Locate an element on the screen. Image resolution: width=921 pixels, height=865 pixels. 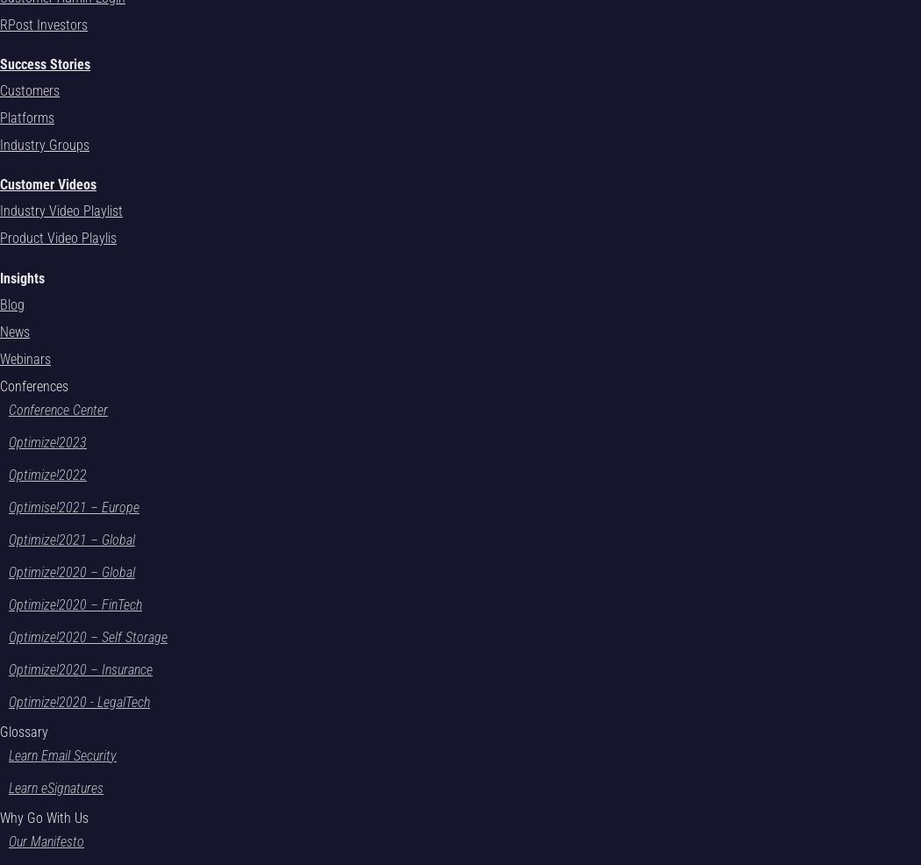
'Optimize!2020 – FinTech' is located at coordinates (75, 603).